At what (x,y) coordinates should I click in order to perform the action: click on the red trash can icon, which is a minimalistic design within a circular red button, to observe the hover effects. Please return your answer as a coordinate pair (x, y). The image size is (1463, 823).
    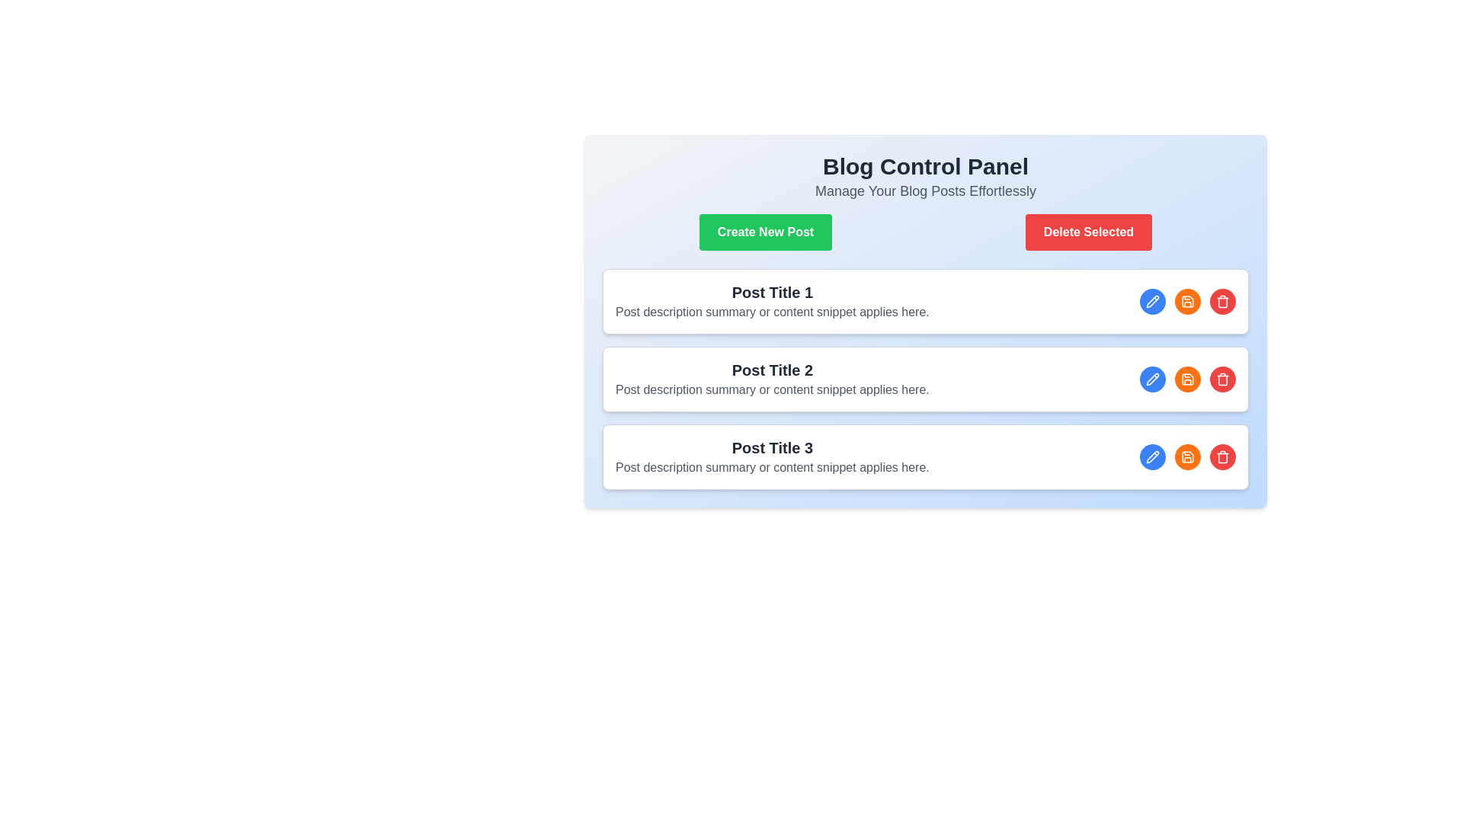
    Looking at the image, I should click on (1222, 456).